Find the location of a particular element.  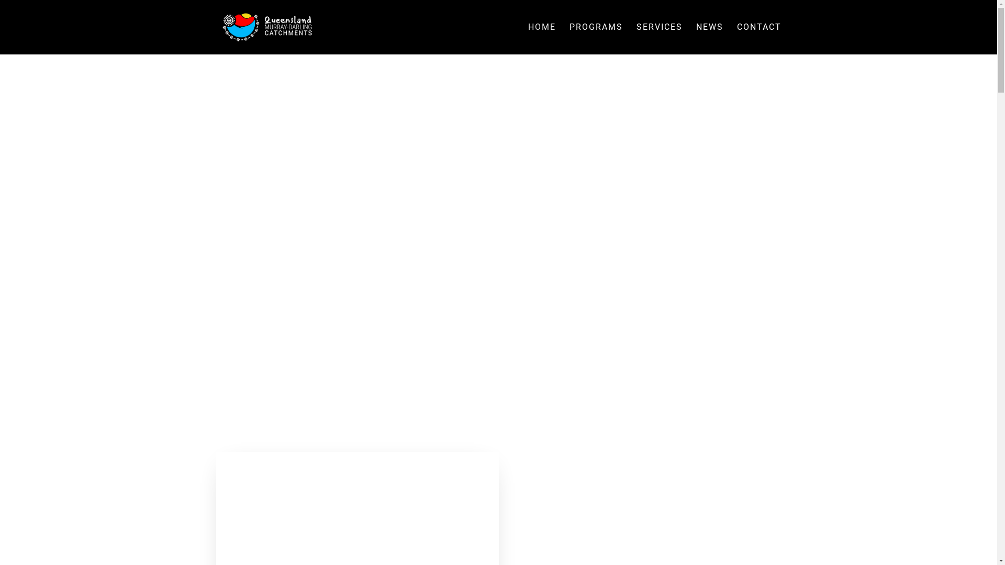

'NEWS' is located at coordinates (710, 38).